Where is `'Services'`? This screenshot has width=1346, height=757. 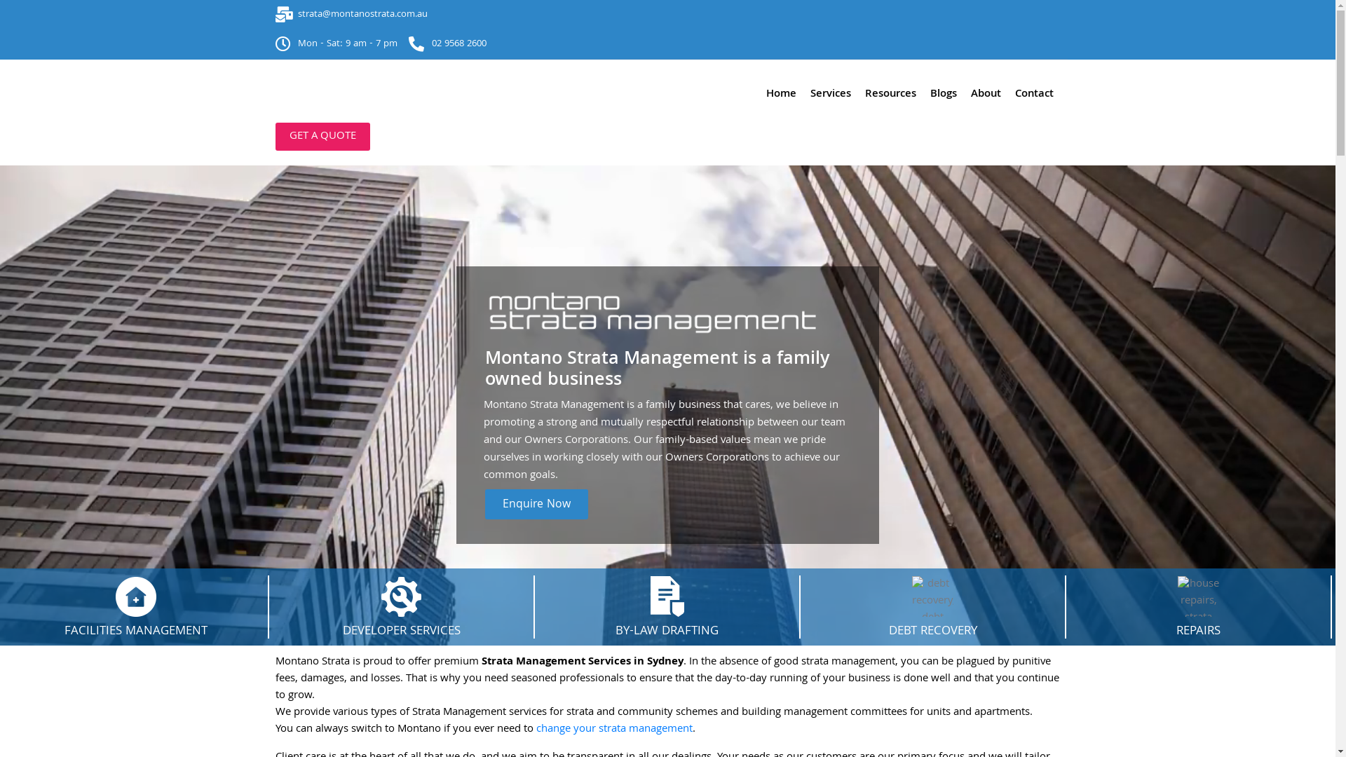 'Services' is located at coordinates (831, 95).